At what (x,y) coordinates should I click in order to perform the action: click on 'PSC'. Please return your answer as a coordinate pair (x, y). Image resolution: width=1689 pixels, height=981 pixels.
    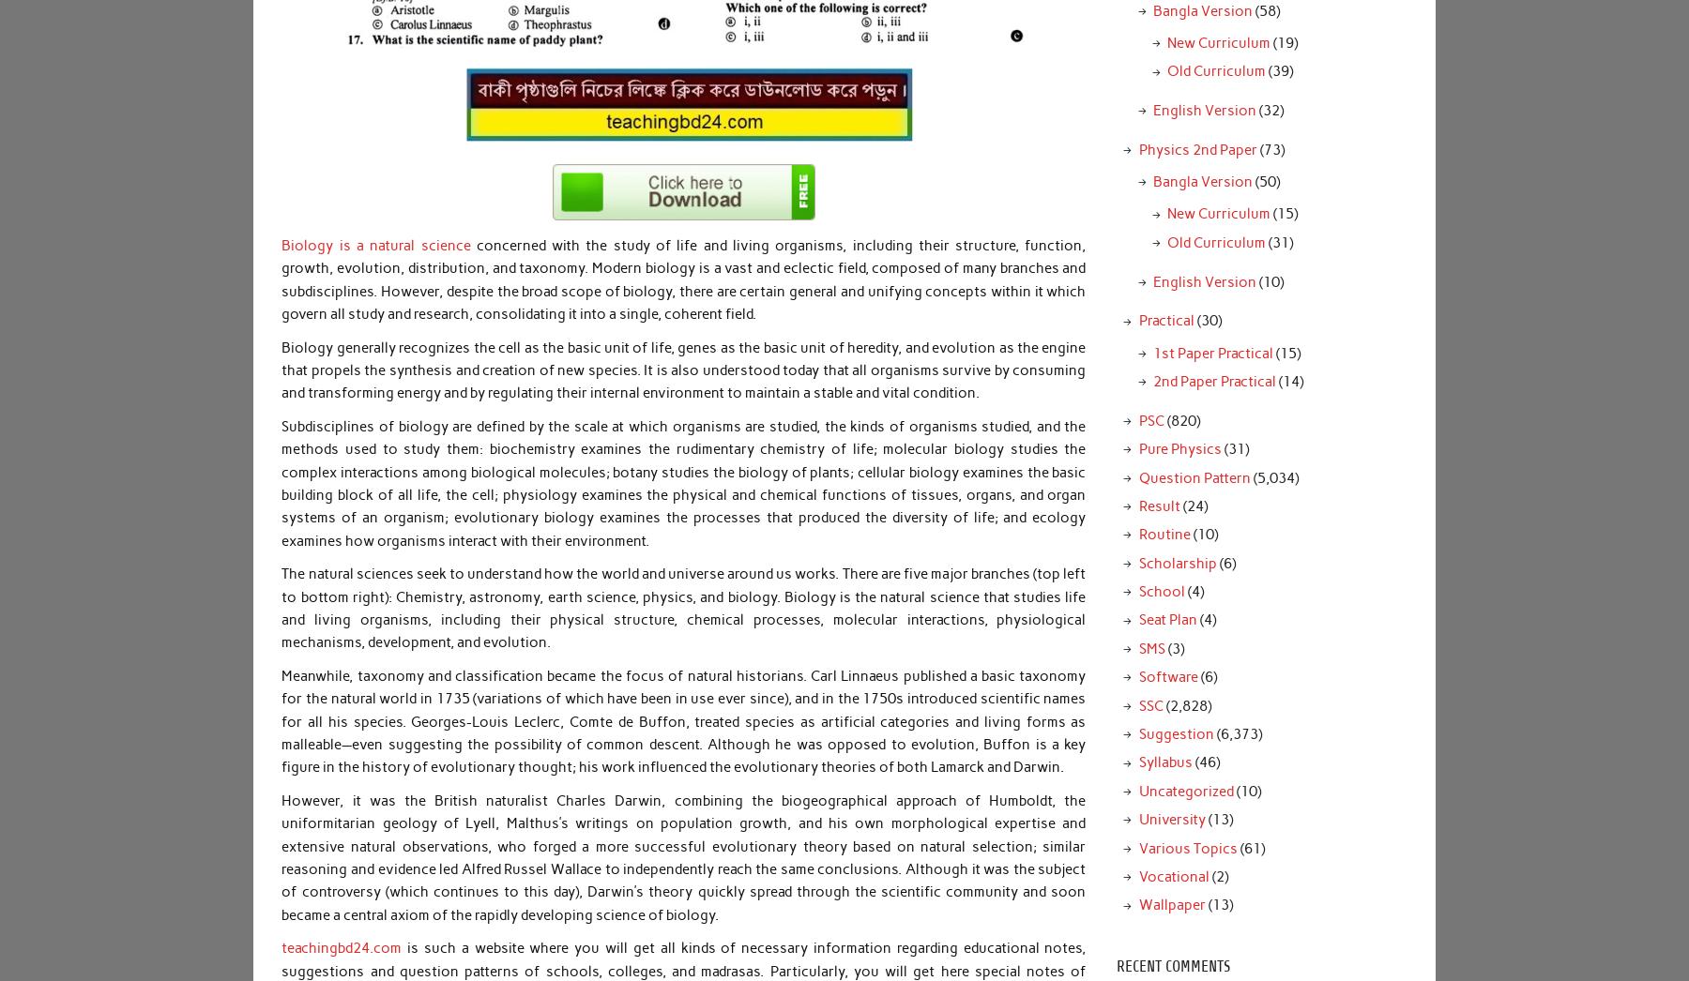
    Looking at the image, I should click on (1149, 419).